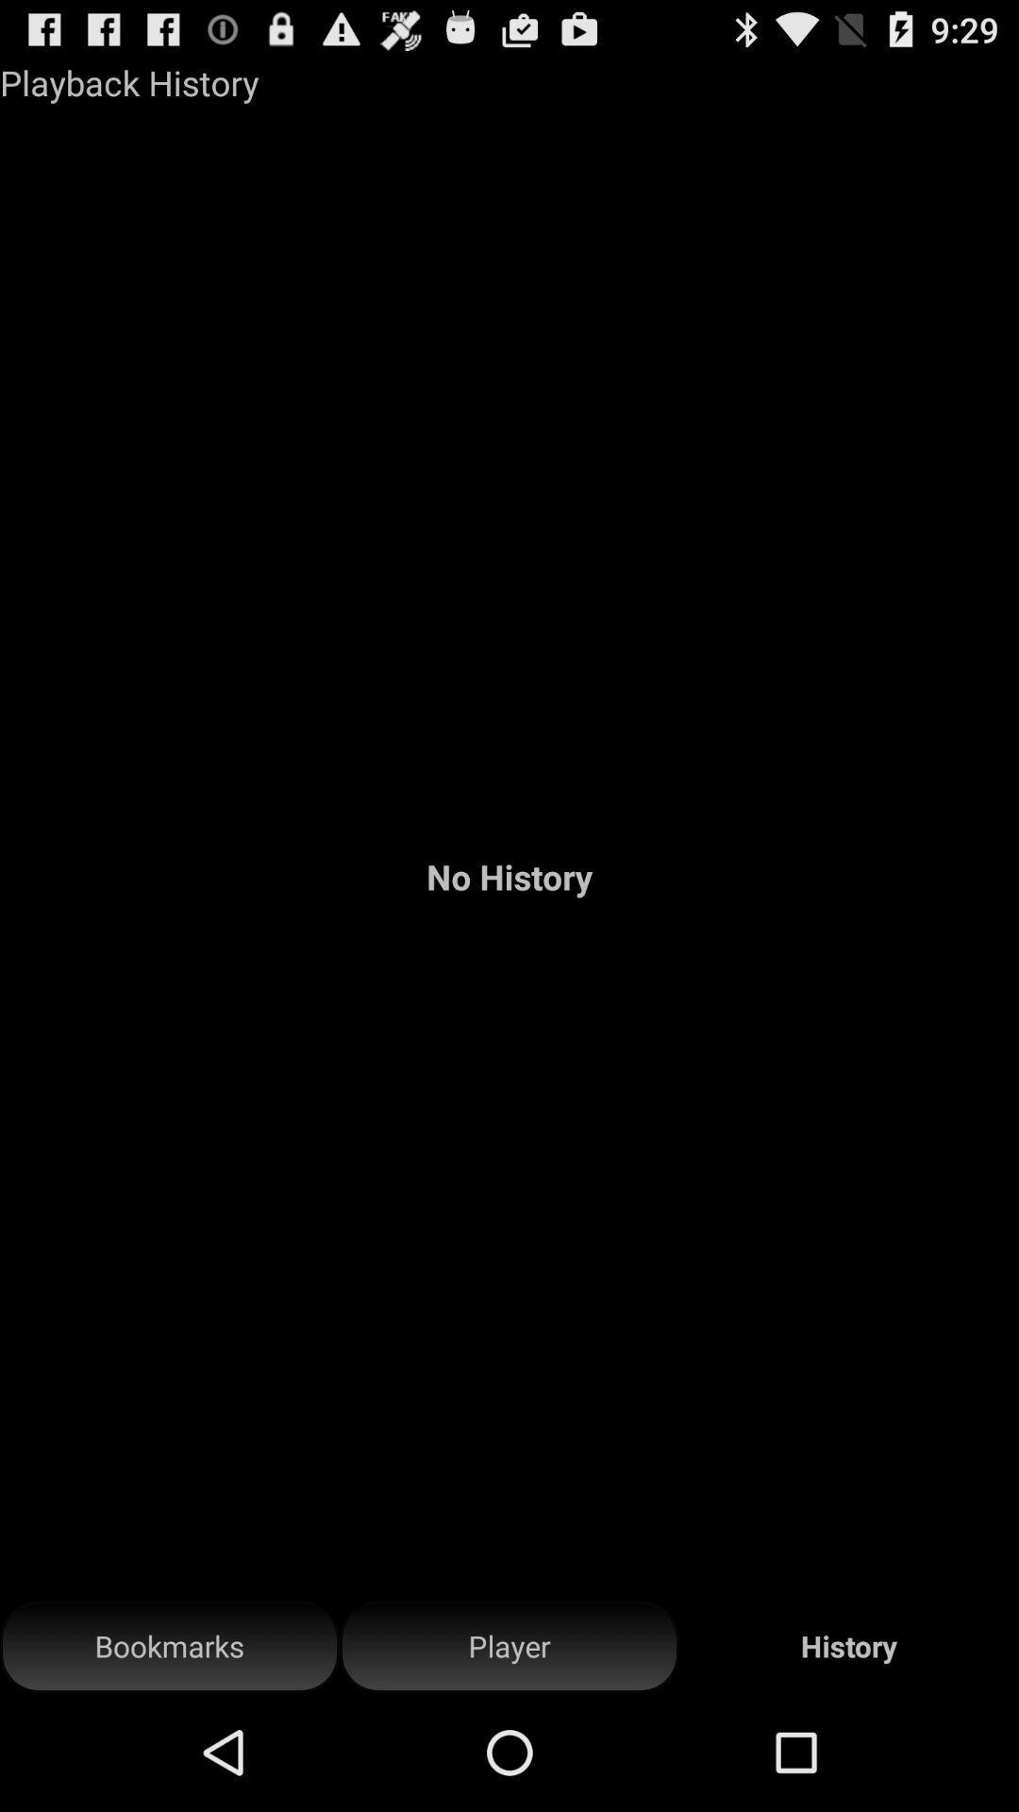  I want to click on the item to the left of history item, so click(509, 1646).